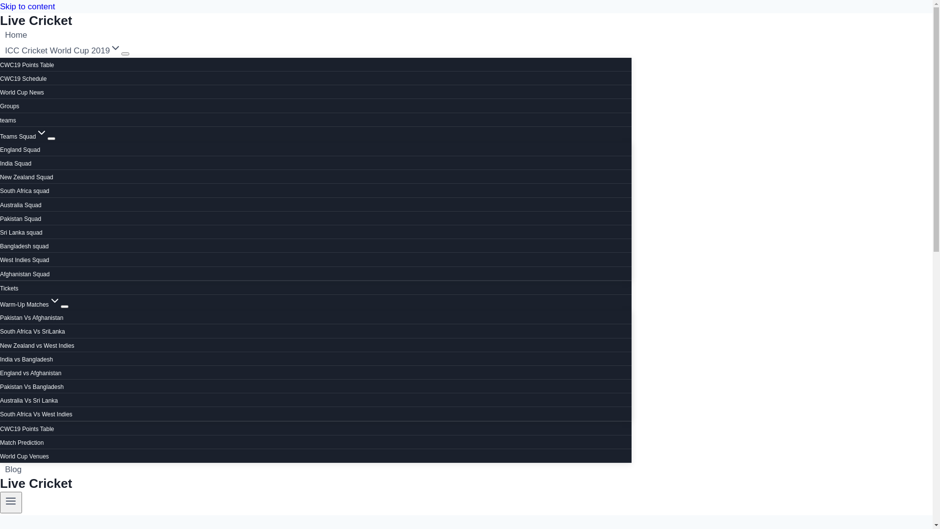 Image resolution: width=940 pixels, height=529 pixels. I want to click on 'South Africa Vs West Indies', so click(36, 414).